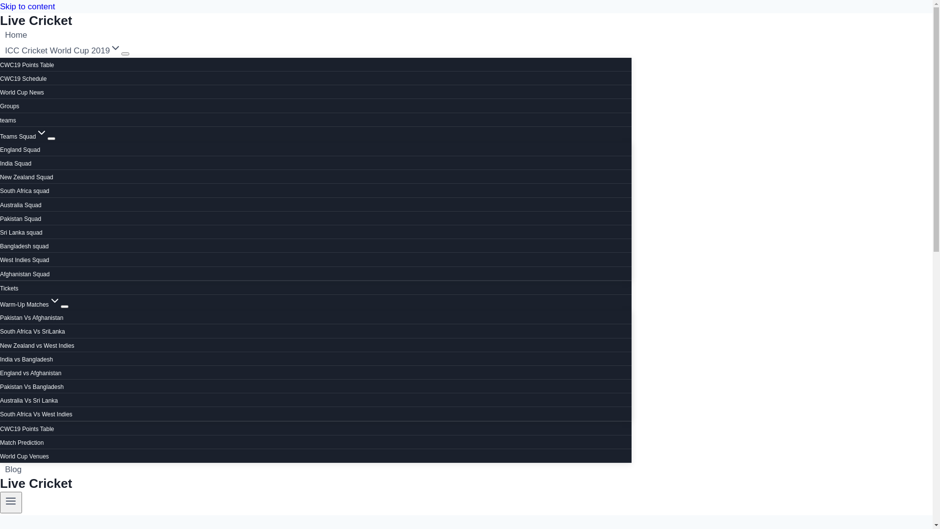 Image resolution: width=940 pixels, height=529 pixels. I want to click on 'South Africa Vs West Indies', so click(36, 414).